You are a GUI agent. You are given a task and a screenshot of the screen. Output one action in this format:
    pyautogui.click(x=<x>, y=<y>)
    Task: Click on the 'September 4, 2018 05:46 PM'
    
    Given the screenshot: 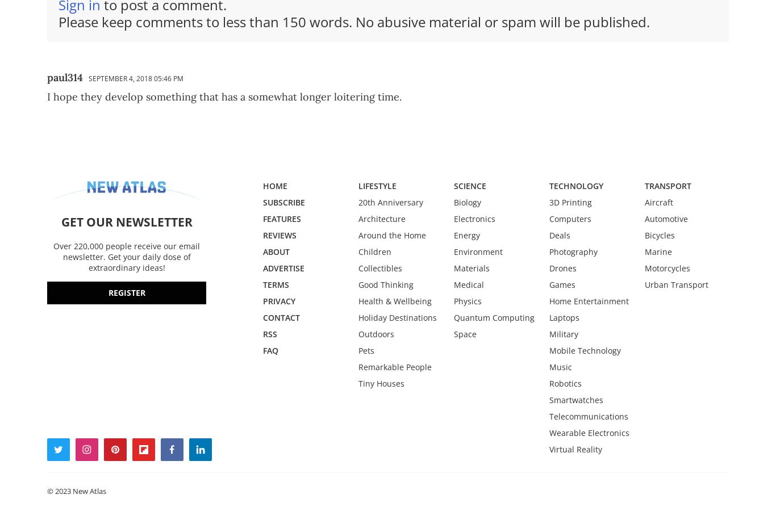 What is the action you would take?
    pyautogui.click(x=136, y=78)
    